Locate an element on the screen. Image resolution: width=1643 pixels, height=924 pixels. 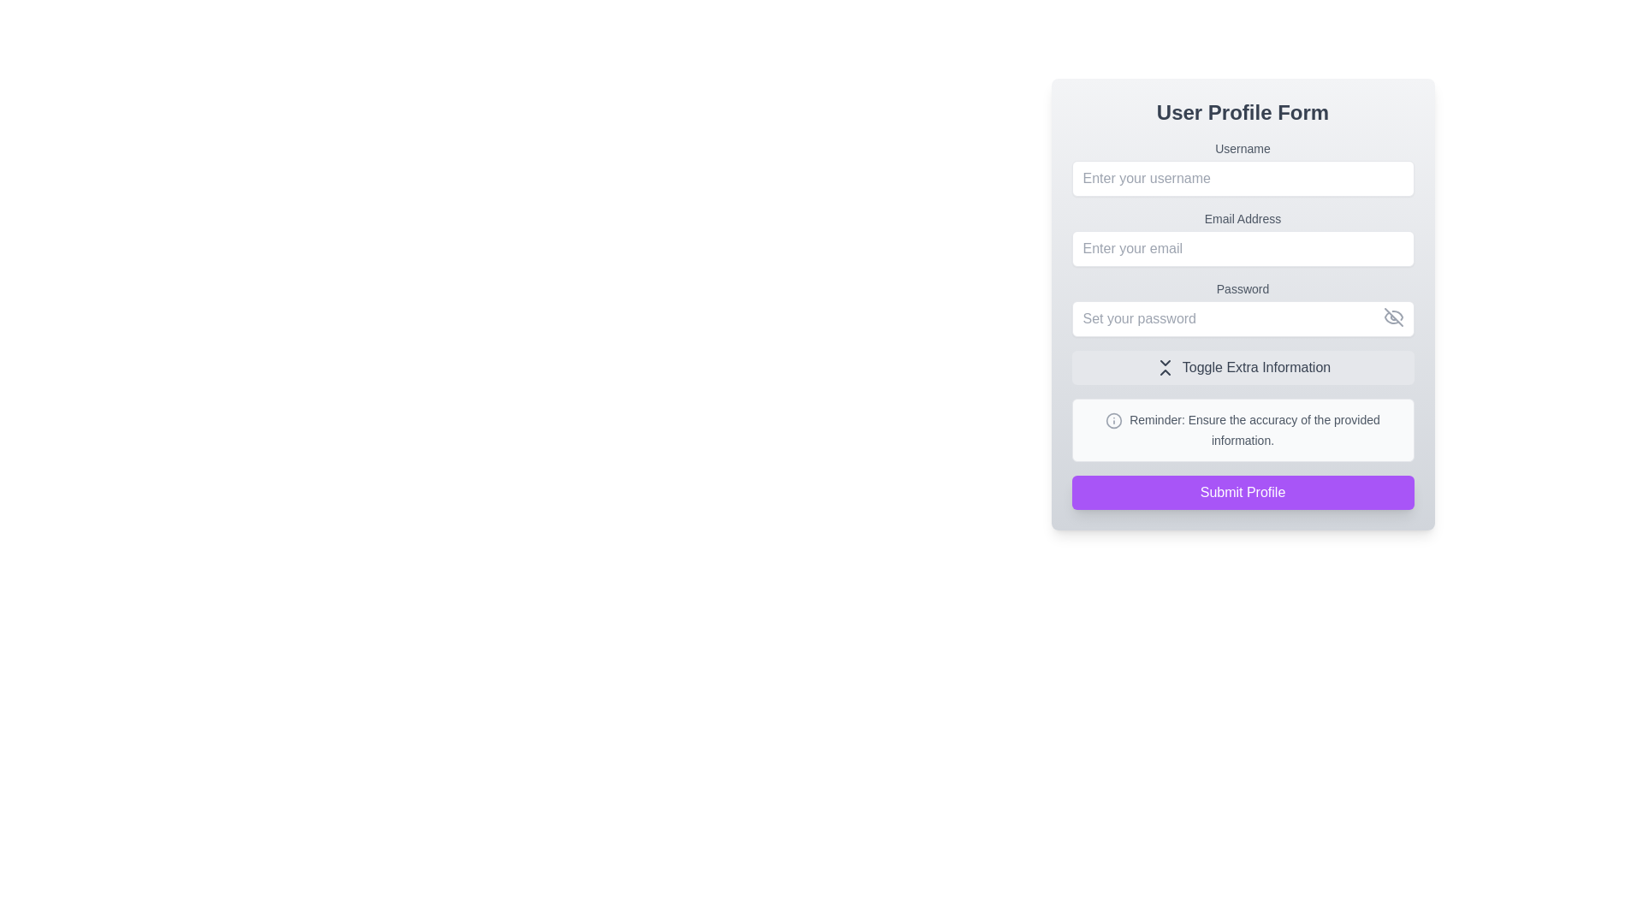
the eye icon button located inside the password input field, to the far right is located at coordinates (1393, 317).